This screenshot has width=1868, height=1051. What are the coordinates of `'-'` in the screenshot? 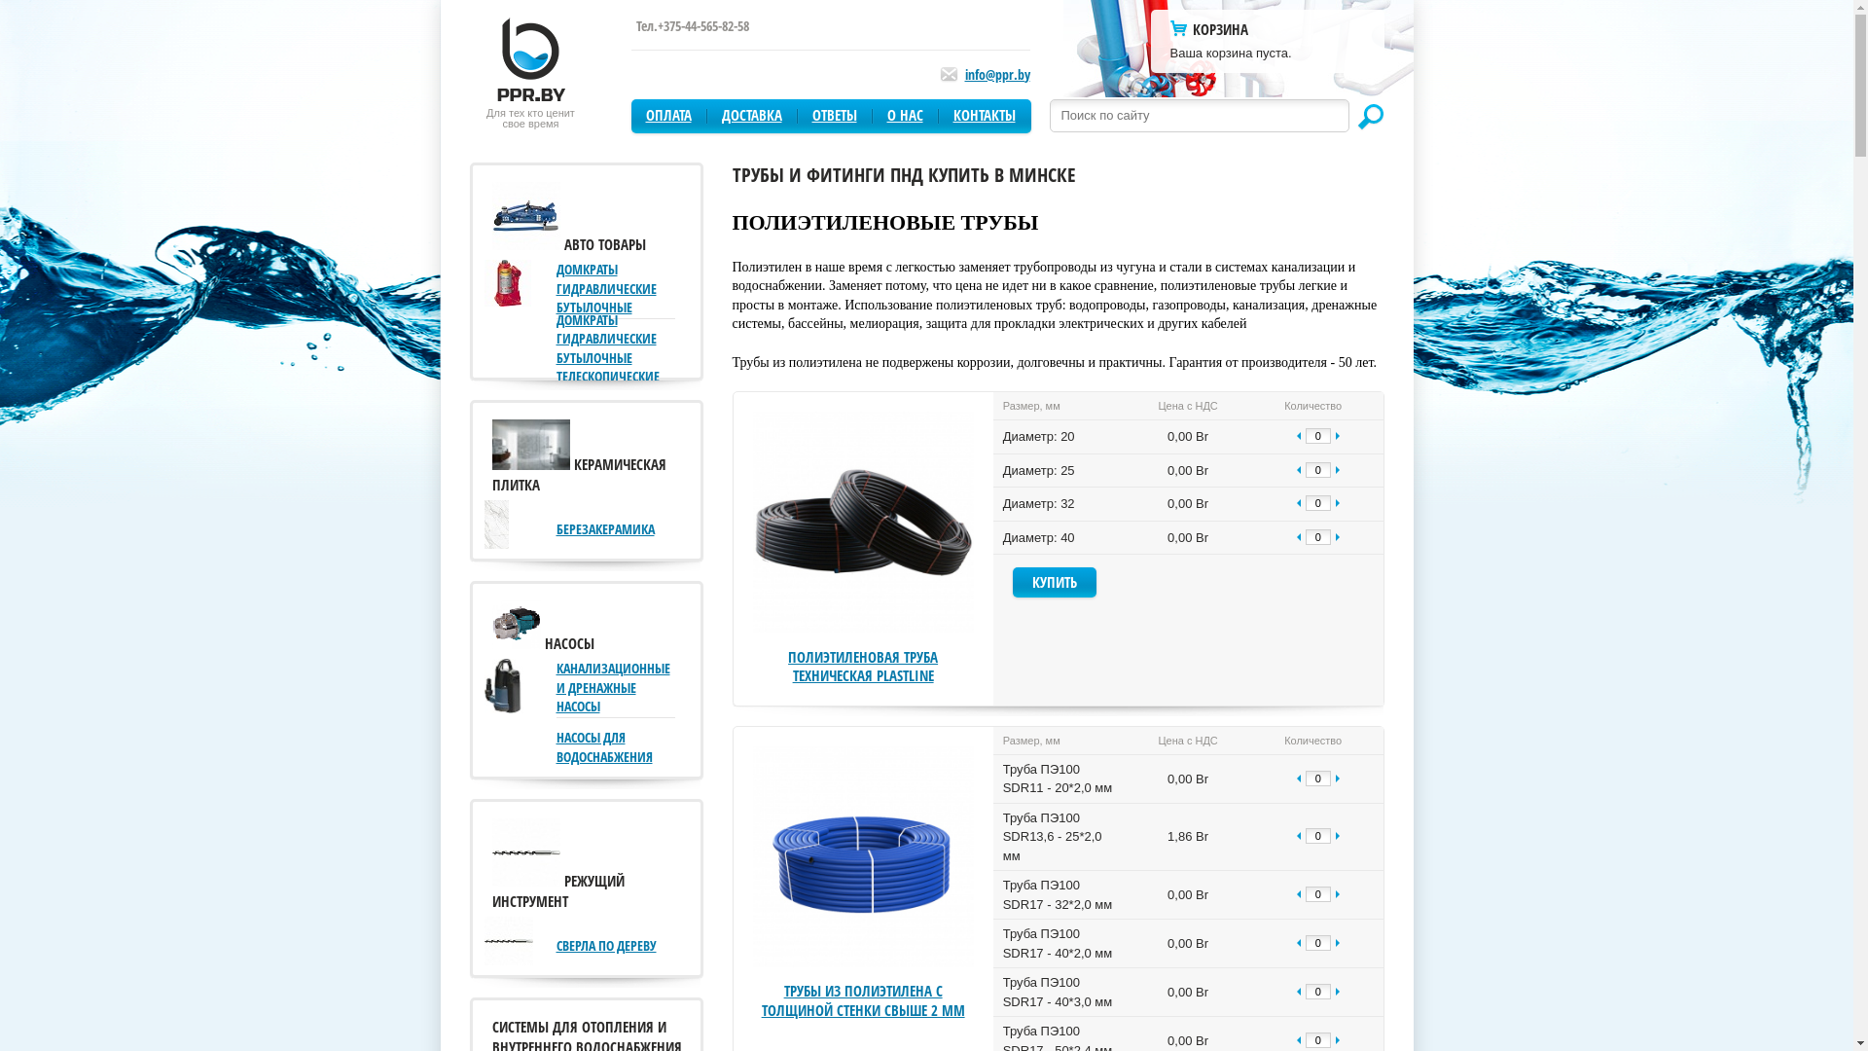 It's located at (1298, 992).